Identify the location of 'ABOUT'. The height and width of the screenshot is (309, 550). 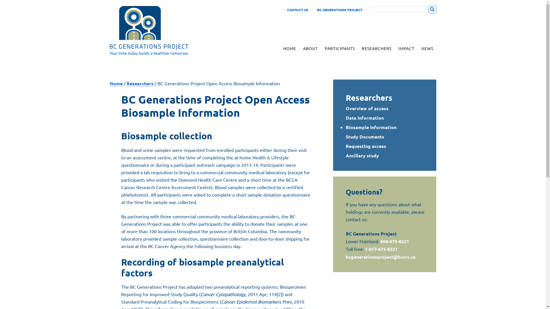
(310, 48).